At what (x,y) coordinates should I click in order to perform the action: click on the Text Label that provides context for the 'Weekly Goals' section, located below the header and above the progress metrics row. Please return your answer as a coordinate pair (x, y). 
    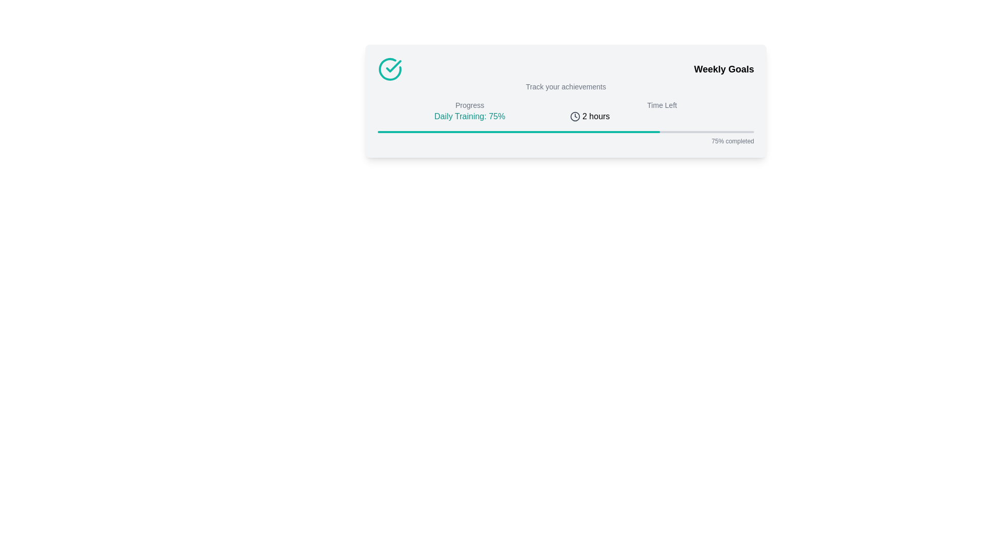
    Looking at the image, I should click on (565, 86).